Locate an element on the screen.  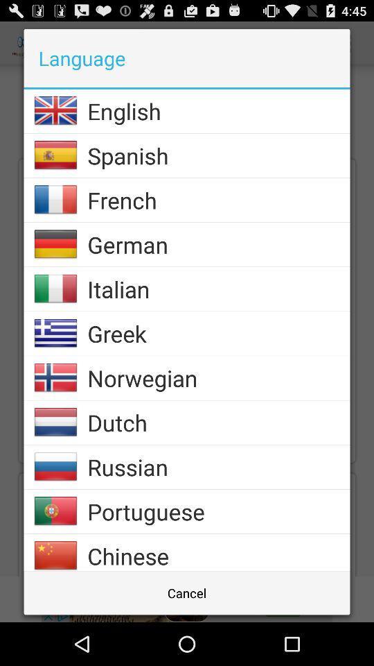
item below the dutch item is located at coordinates (218, 467).